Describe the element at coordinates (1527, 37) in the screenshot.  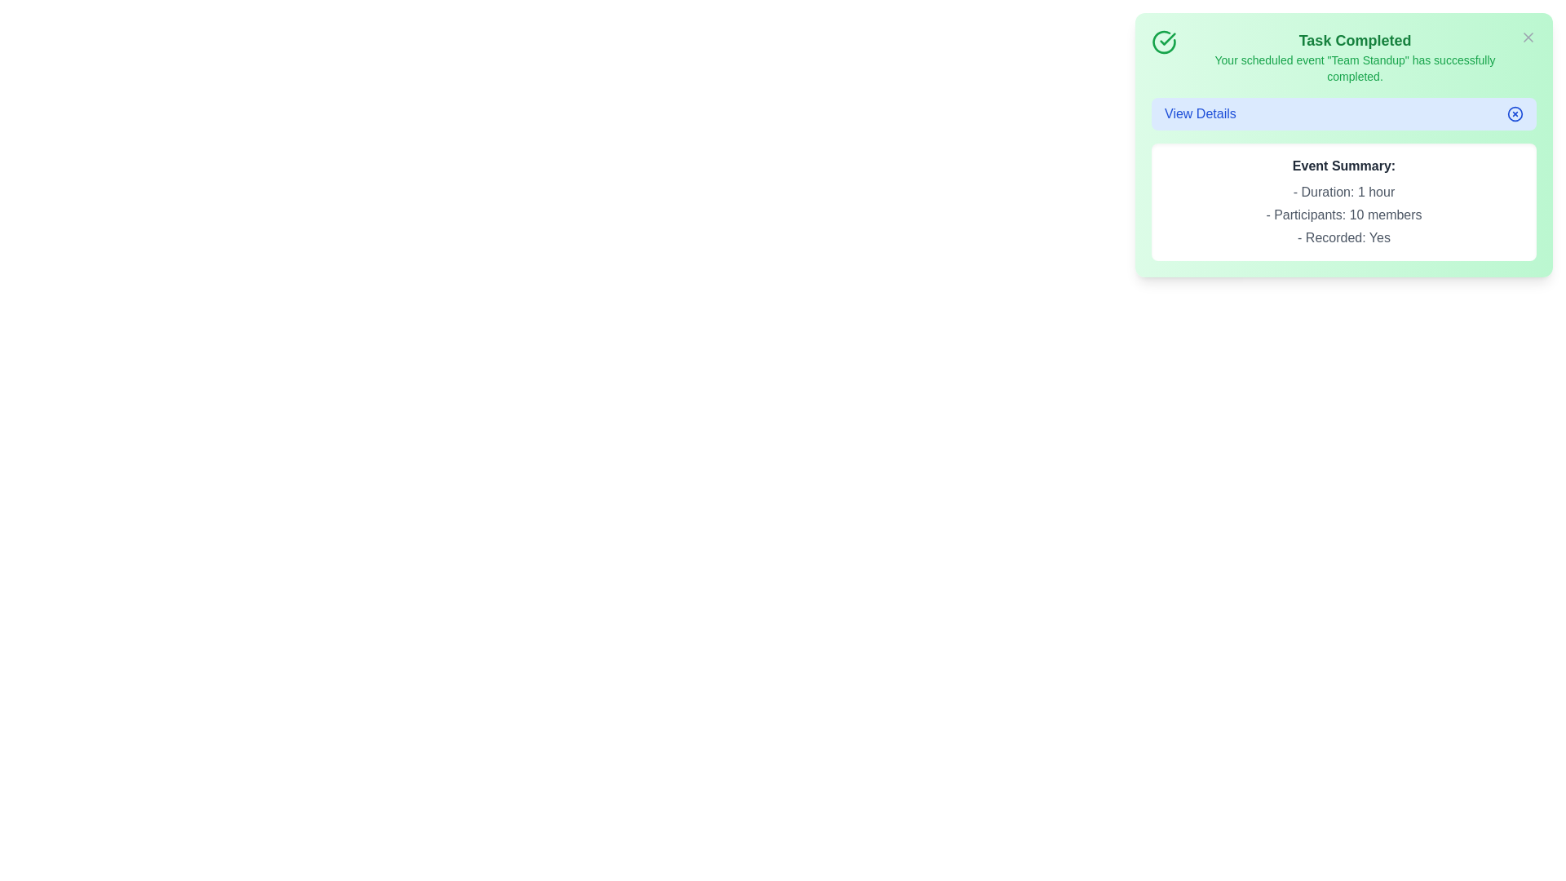
I see `the close button of the EventNotification component` at that location.